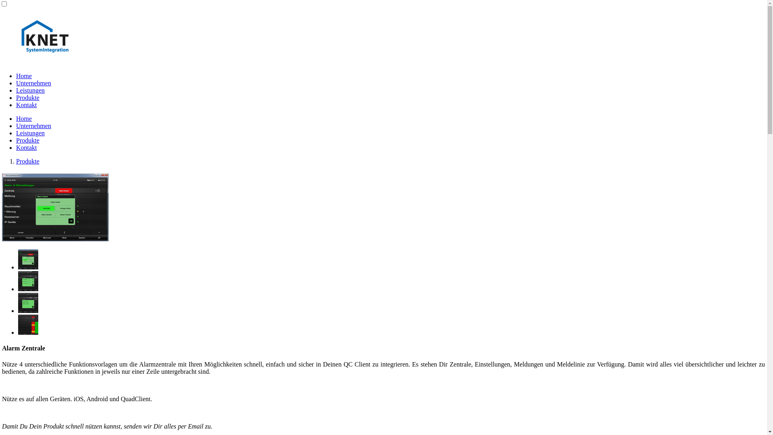  What do you see at coordinates (33, 83) in the screenshot?
I see `'Unternehmen'` at bounding box center [33, 83].